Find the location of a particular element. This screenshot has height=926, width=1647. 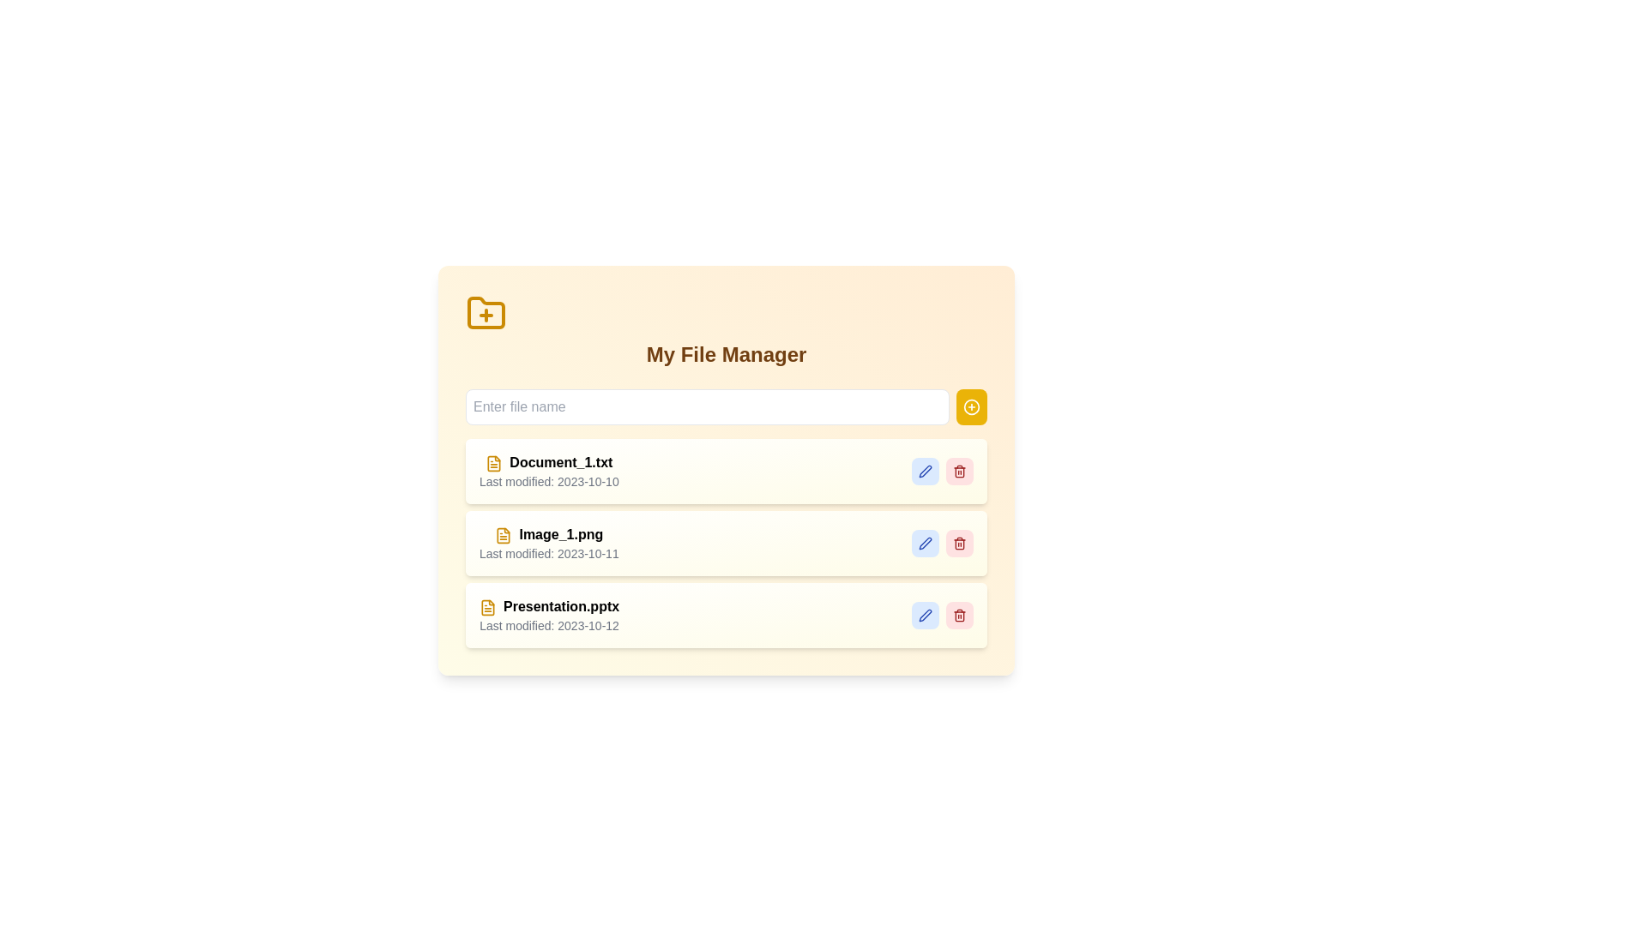

the delete button located in the right column of the second file entry, positioned to the right of the blue edit button is located at coordinates (958, 543).